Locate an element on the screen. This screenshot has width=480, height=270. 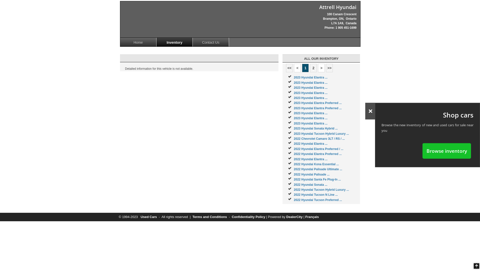
'>' is located at coordinates (321, 68).